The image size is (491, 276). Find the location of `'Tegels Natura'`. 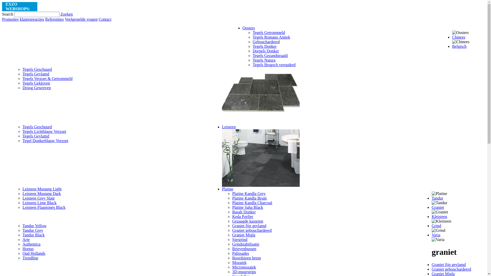

'Tegels Natura' is located at coordinates (264, 60).